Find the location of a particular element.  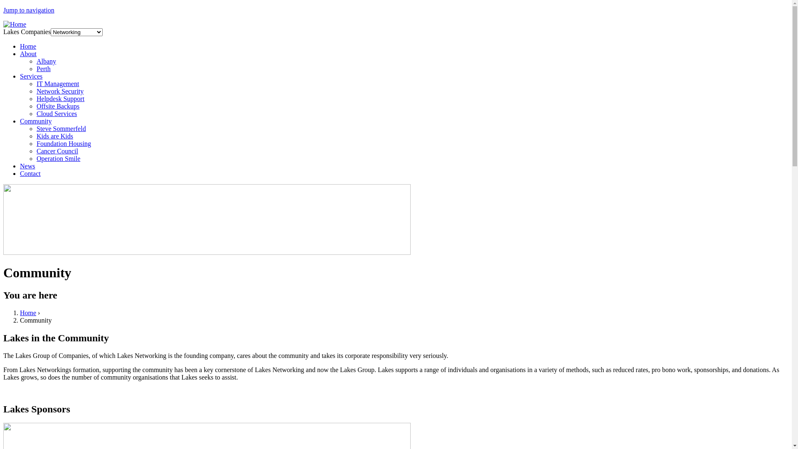

'News' is located at coordinates (20, 166).